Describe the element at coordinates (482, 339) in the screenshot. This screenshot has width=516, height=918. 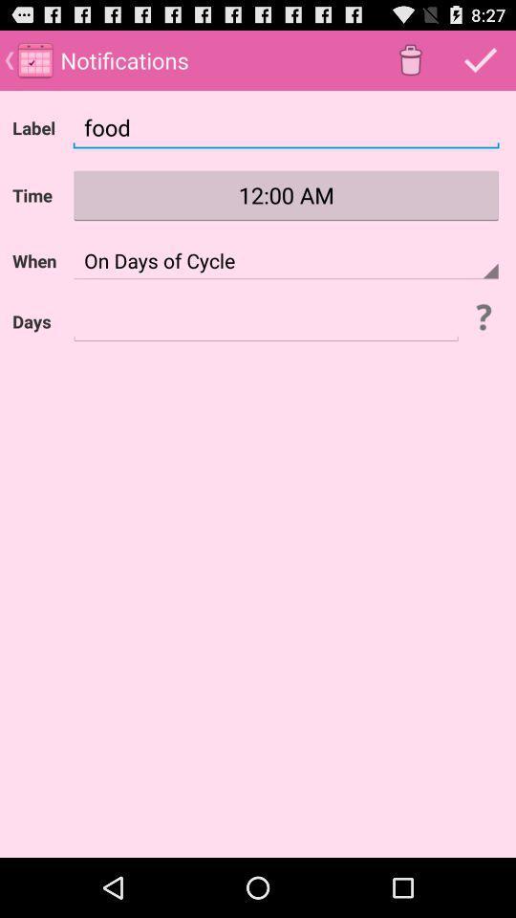
I see `the help icon` at that location.